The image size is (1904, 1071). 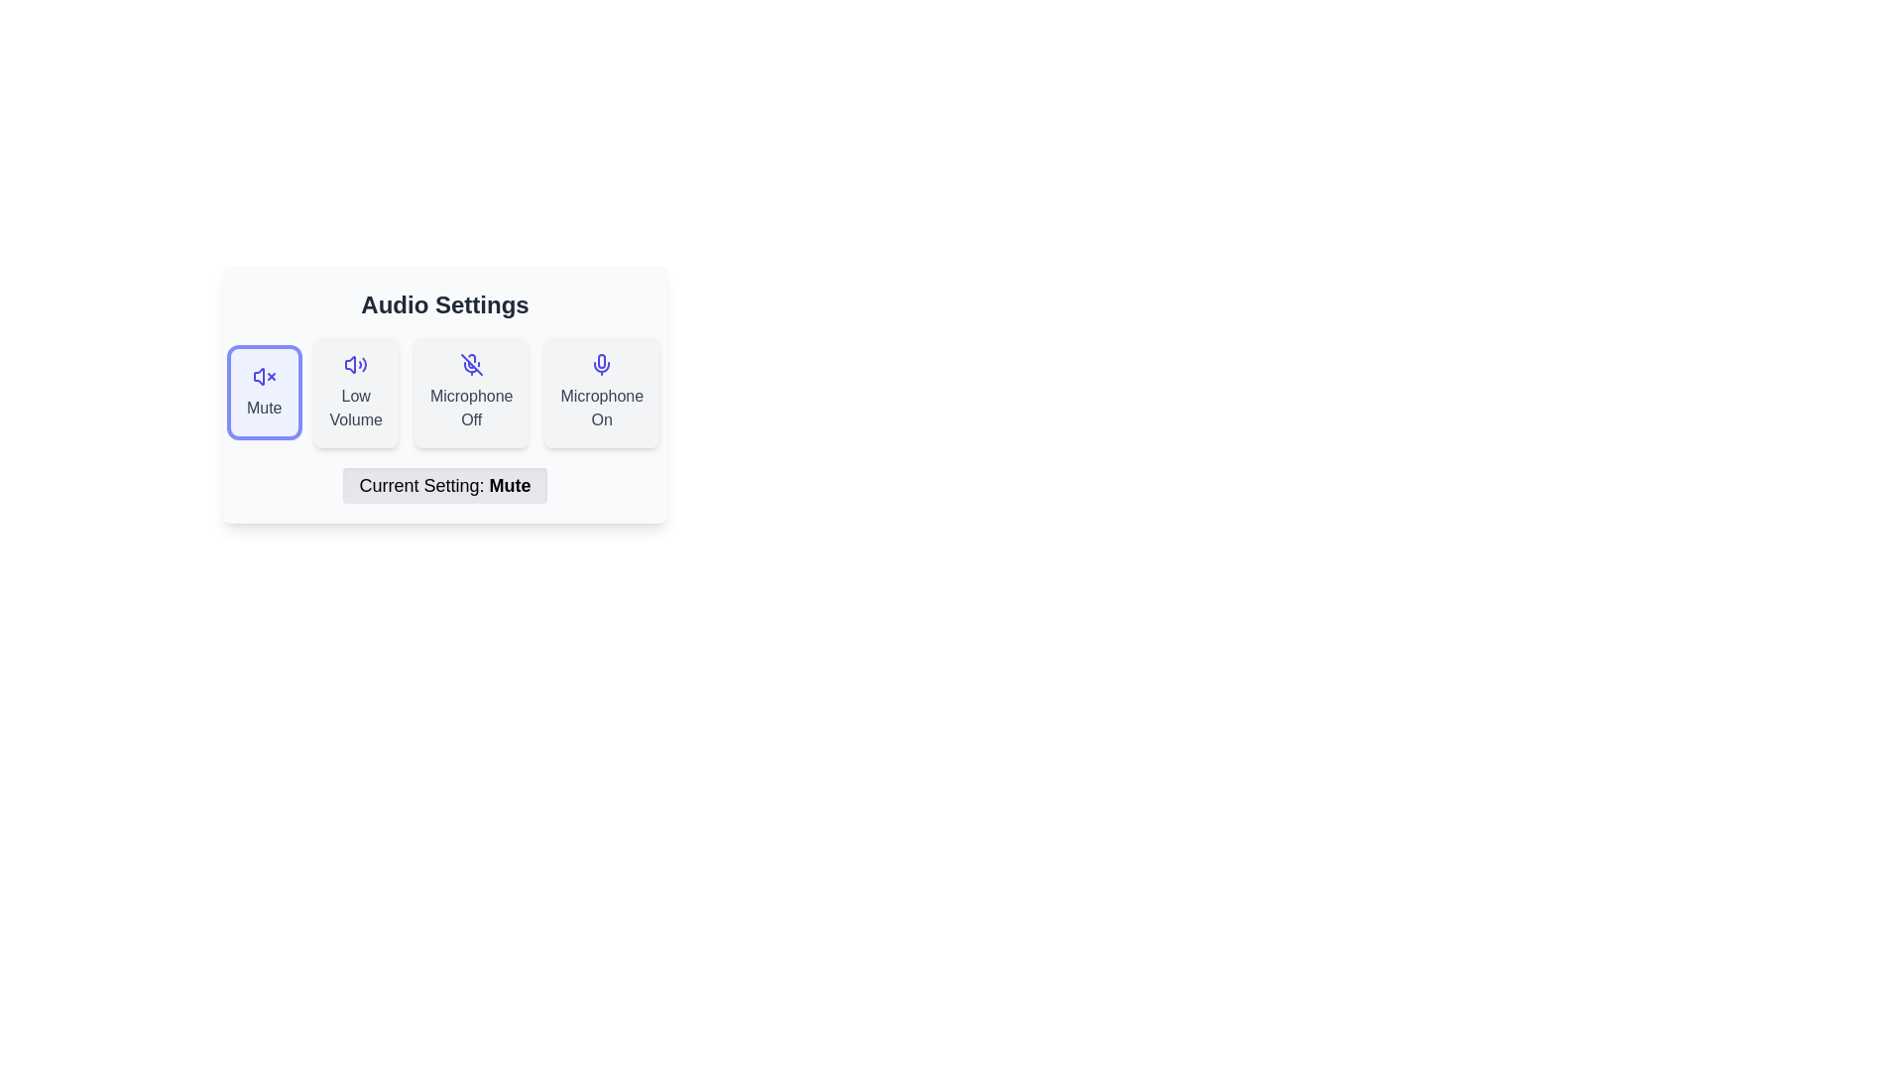 What do you see at coordinates (444, 485) in the screenshot?
I see `the label displaying 'Current Setting: Mute', which is located in the 'Audio Settings' section and has a light gray background` at bounding box center [444, 485].